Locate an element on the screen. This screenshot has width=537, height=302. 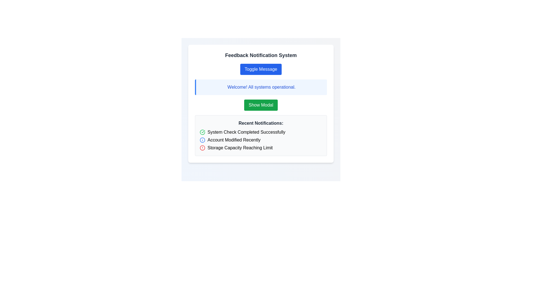
the static text label that indicates system status feedback, confirming that all operations are running smoothly is located at coordinates (261, 87).